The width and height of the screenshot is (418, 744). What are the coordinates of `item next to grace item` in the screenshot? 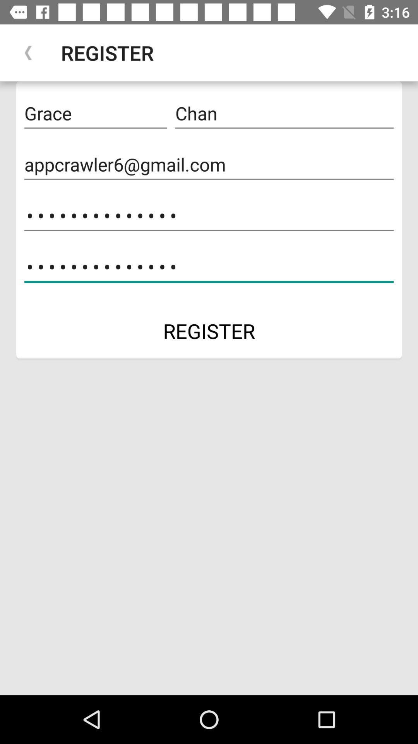 It's located at (284, 113).